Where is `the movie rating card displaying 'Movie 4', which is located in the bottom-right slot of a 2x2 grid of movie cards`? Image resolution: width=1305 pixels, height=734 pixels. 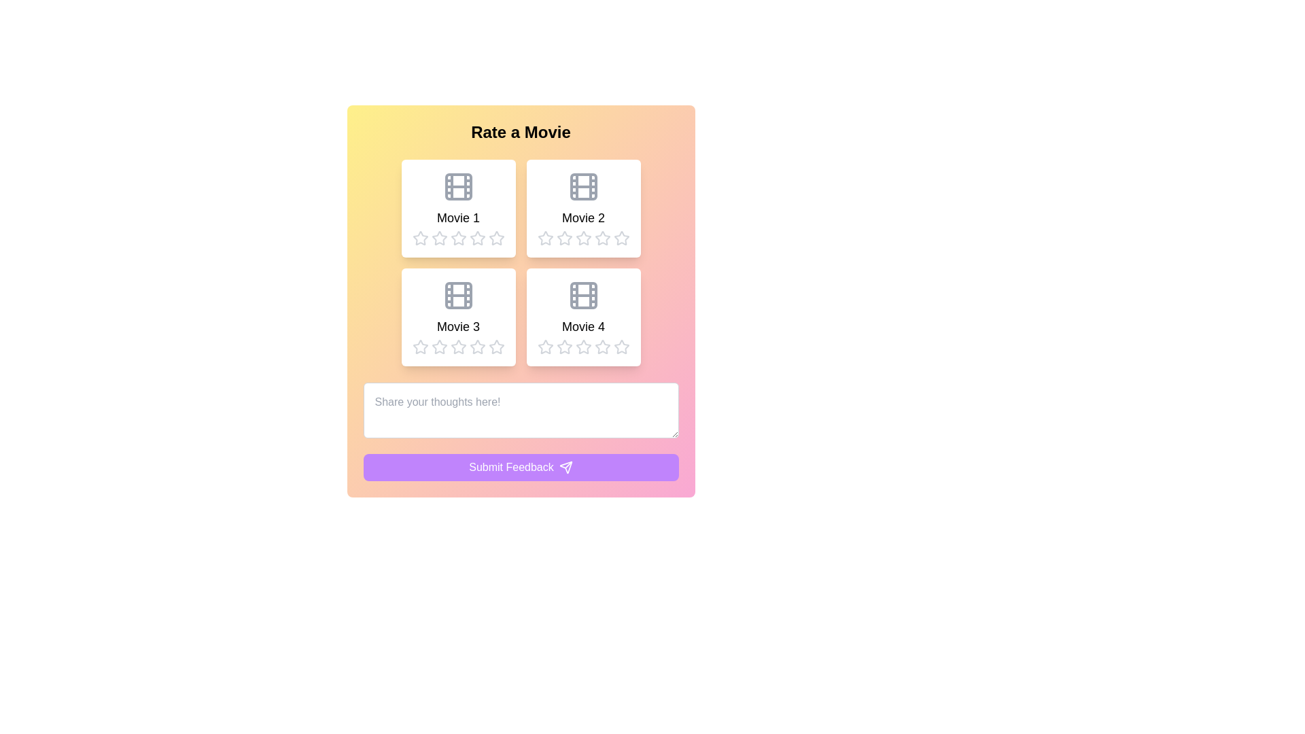
the movie rating card displaying 'Movie 4', which is located in the bottom-right slot of a 2x2 grid of movie cards is located at coordinates (583, 317).